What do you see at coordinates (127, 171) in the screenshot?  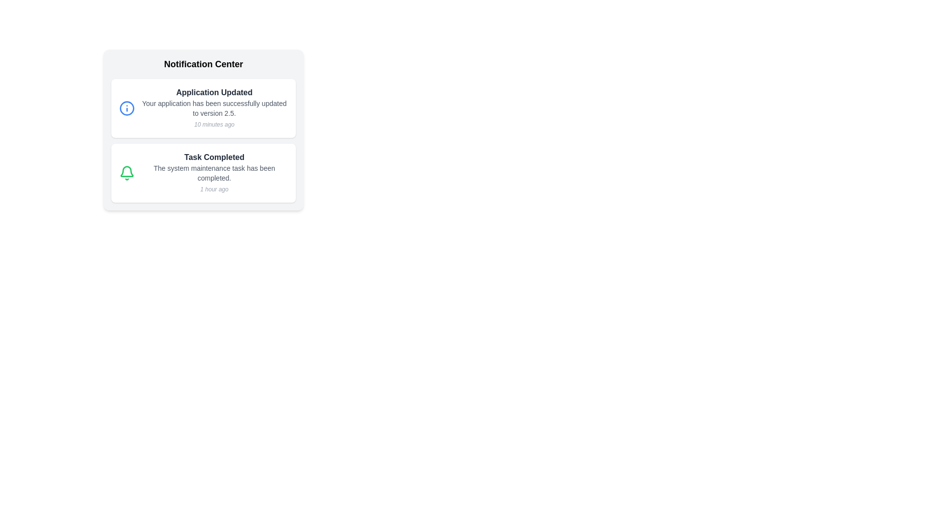 I see `the bell-shaped graphical icon located in the lower notification box titled 'Task Completed', which serves as a visual indicator for notifications or alerts` at bounding box center [127, 171].